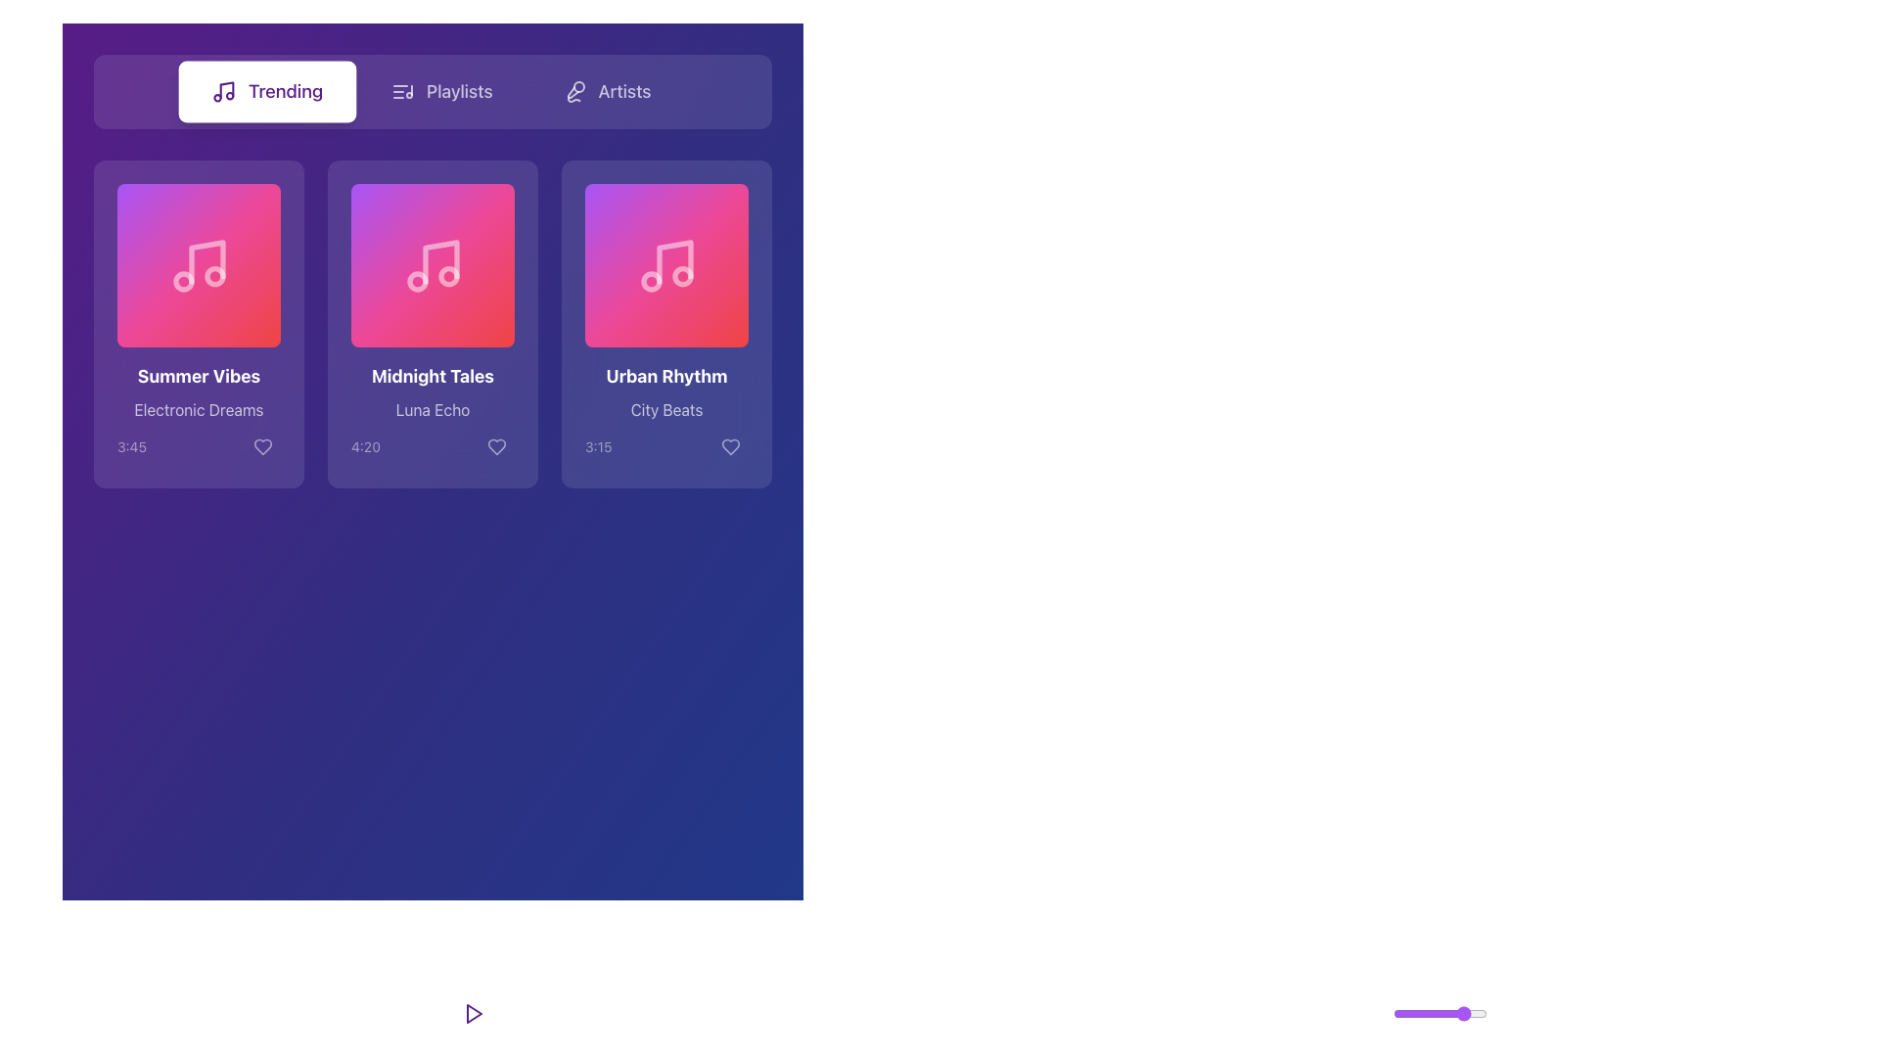 The image size is (1879, 1057). Describe the element at coordinates (1473, 1013) in the screenshot. I see `the slider` at that location.